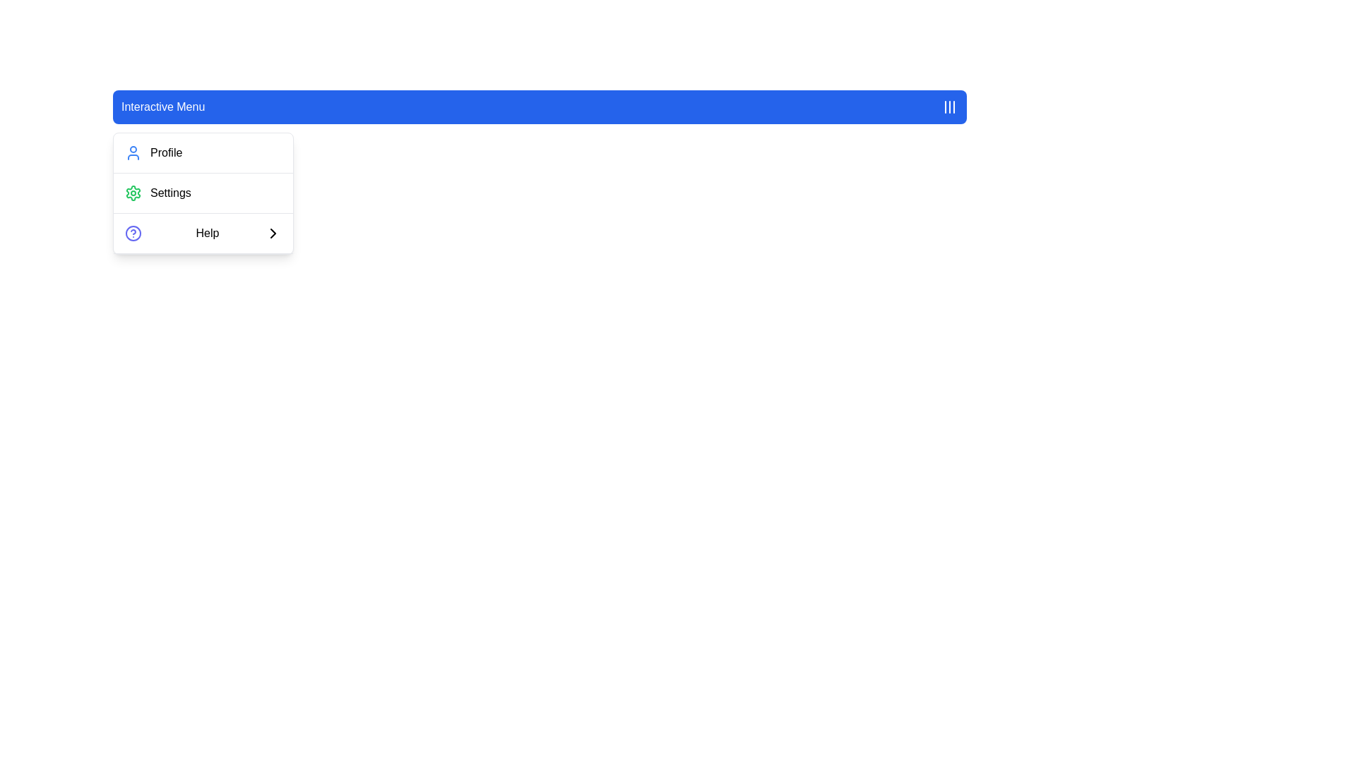 The width and height of the screenshot is (1356, 762). What do you see at coordinates (133, 233) in the screenshot?
I see `the circular graphic icon located in the 'Help' option of the vertical menu list, which is the third item in the list` at bounding box center [133, 233].